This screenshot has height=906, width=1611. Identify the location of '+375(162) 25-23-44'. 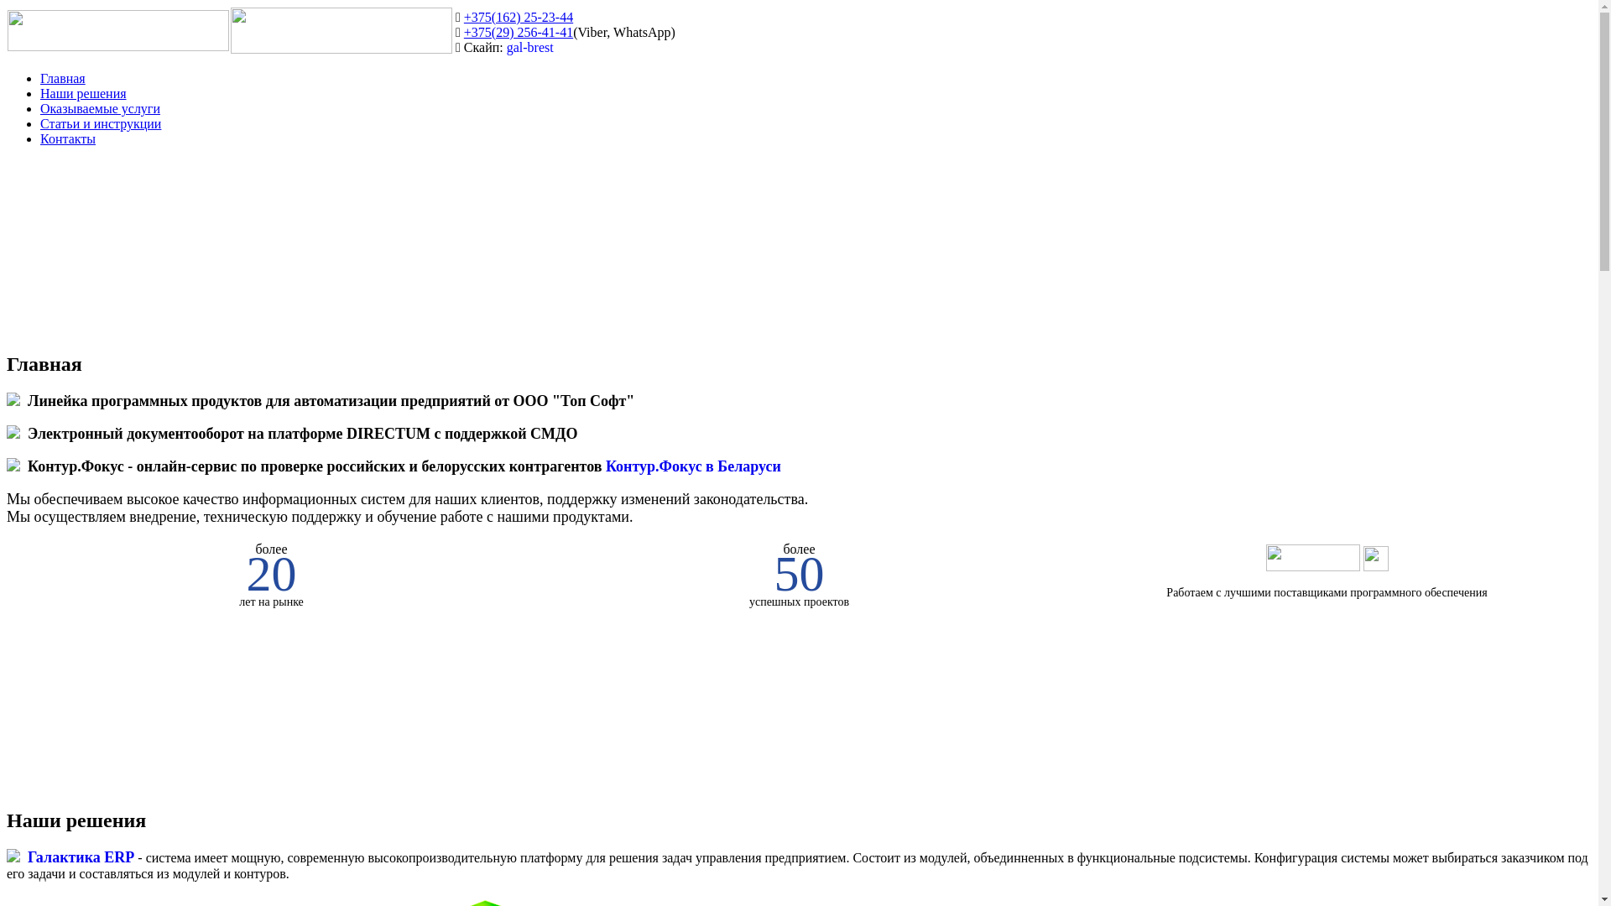
(518, 17).